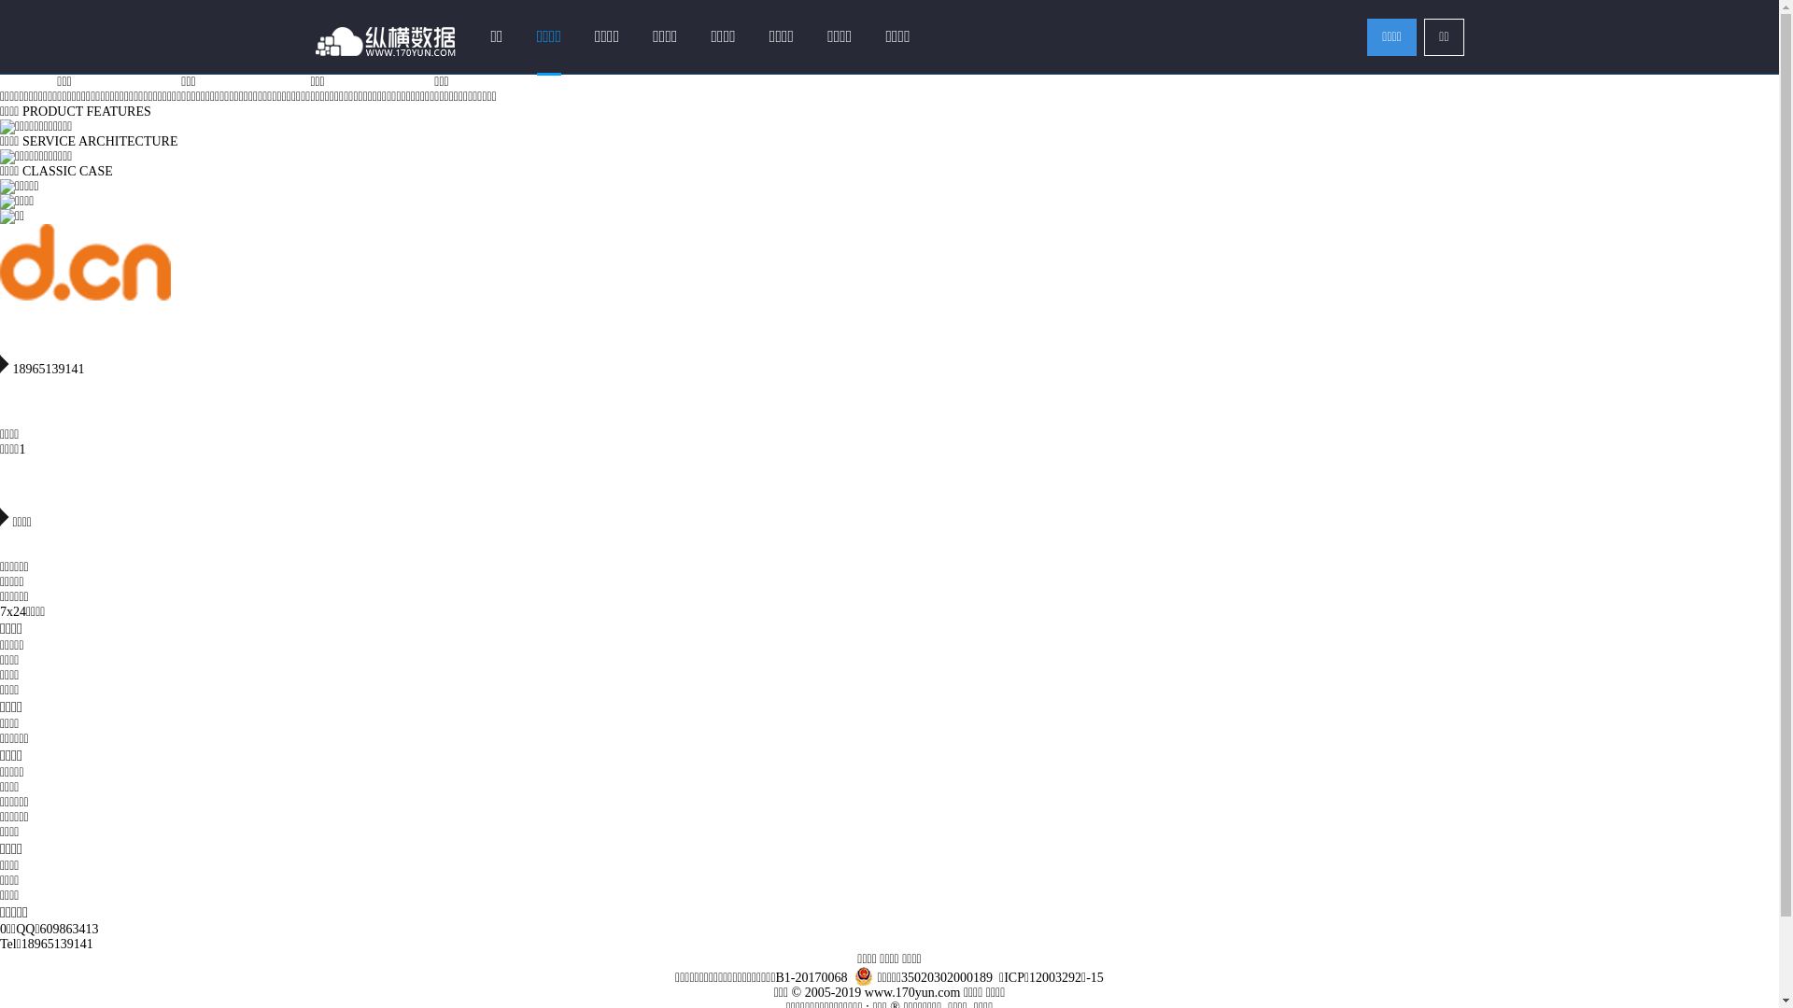 This screenshot has height=1008, width=1793. I want to click on '18965139141', so click(888, 358).